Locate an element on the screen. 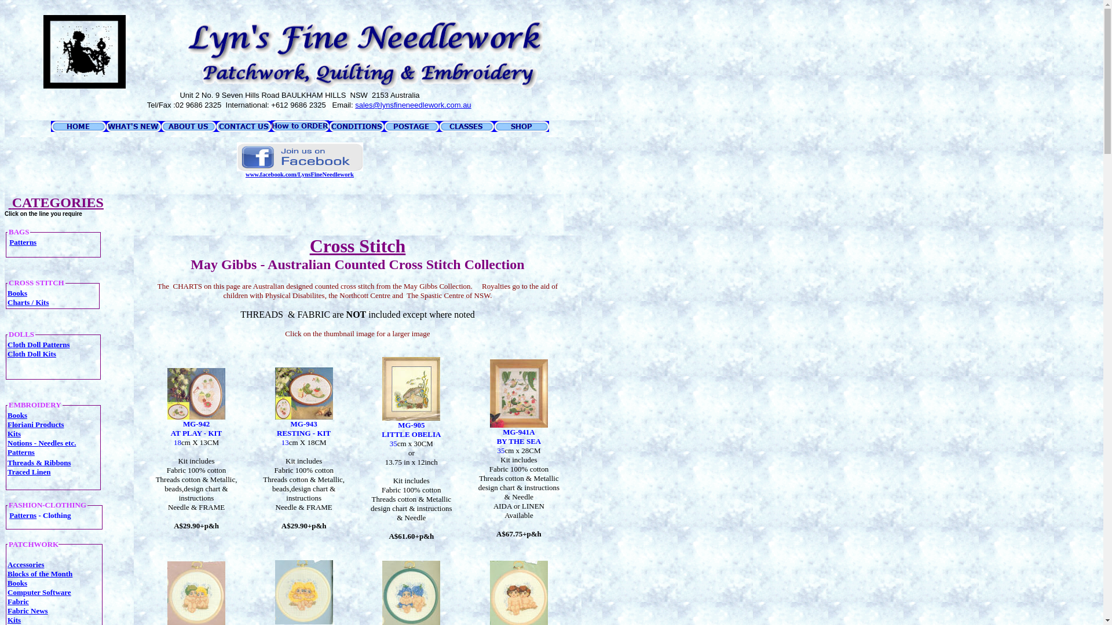 The image size is (1112, 625). 'Kits' is located at coordinates (14, 433).